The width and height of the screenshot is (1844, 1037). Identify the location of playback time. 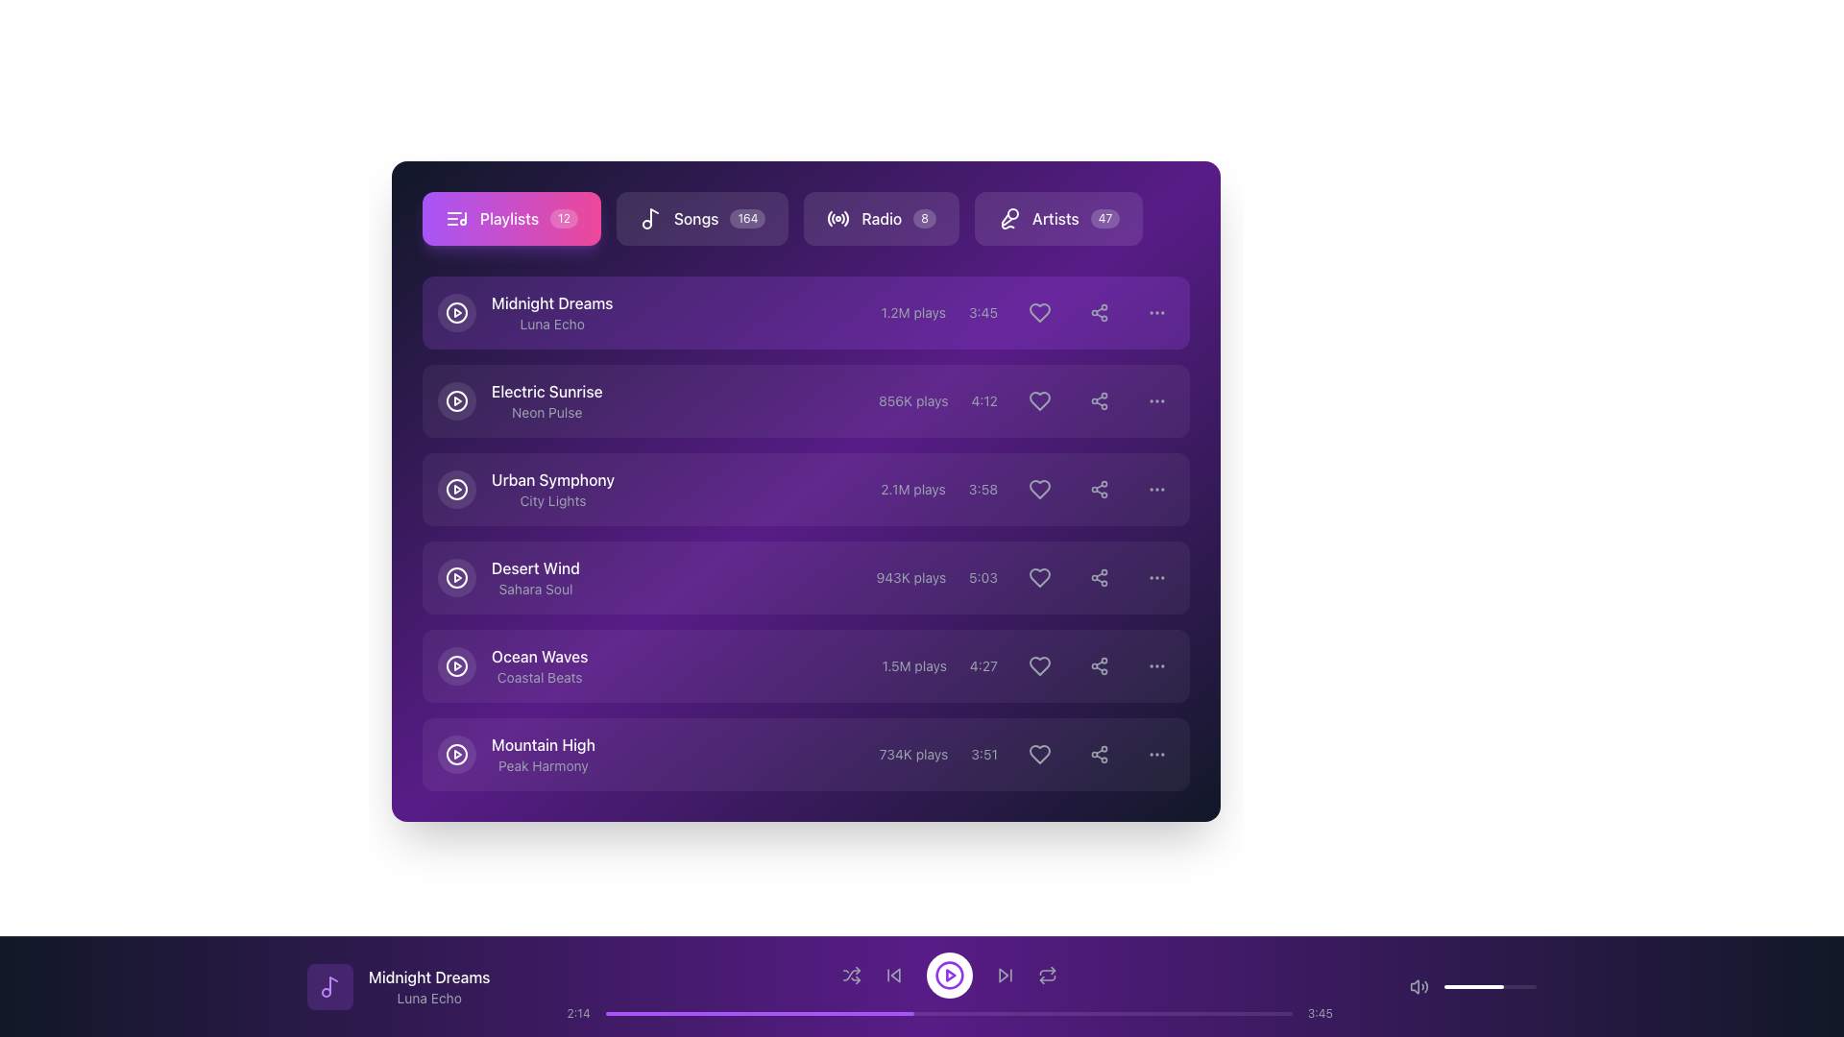
(748, 1013).